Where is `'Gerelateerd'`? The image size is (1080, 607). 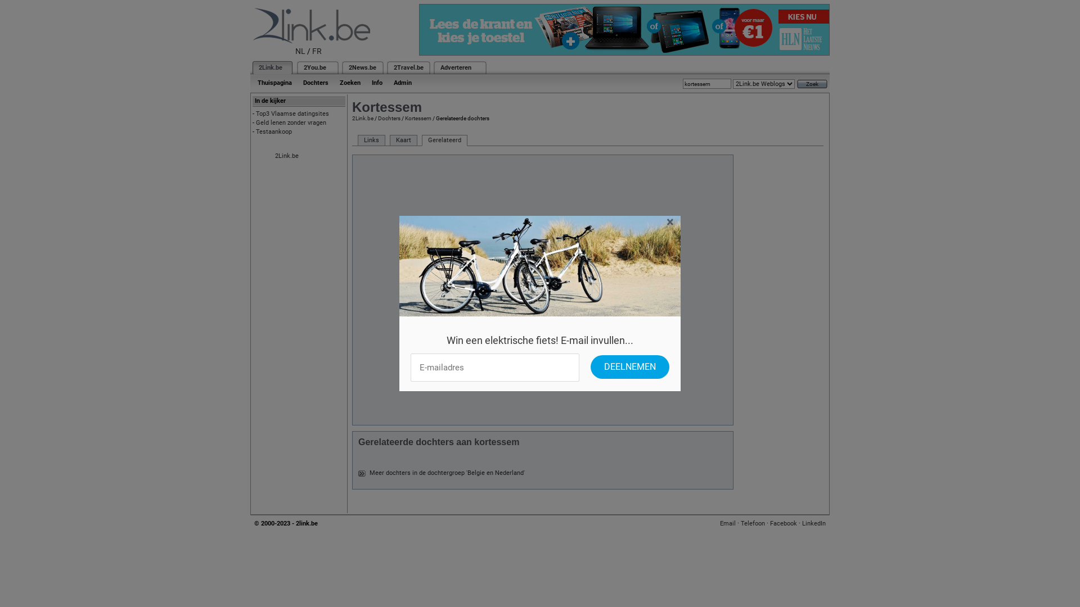 'Gerelateerd' is located at coordinates (421, 140).